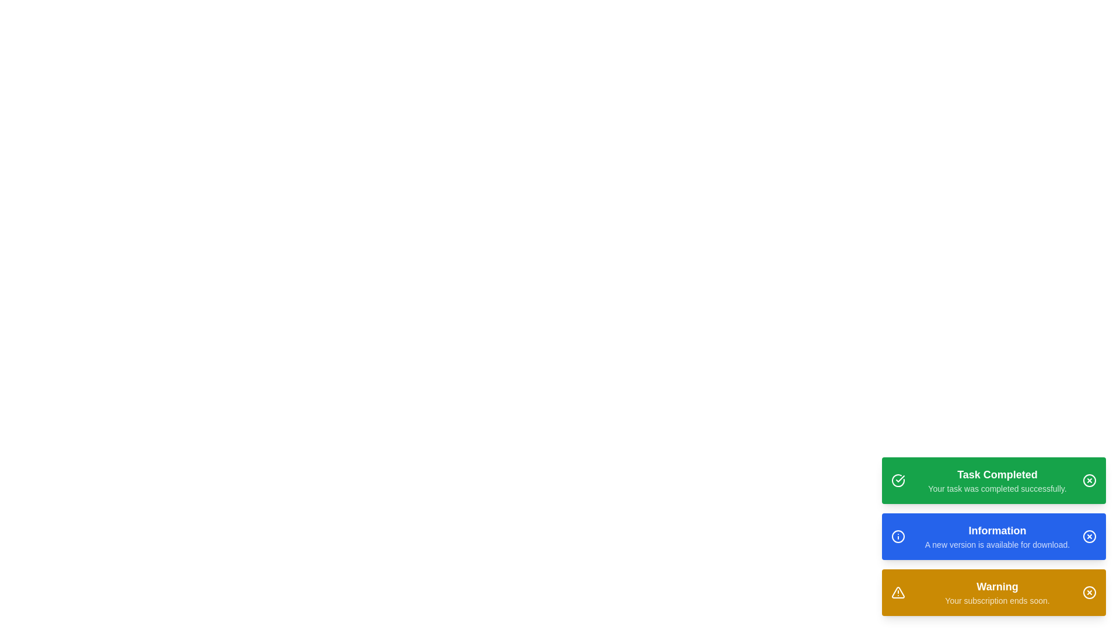 This screenshot has width=1120, height=630. Describe the element at coordinates (898, 592) in the screenshot. I see `the warning indication icon located at the left side of the yellow 'Warning' notification box at the bottom of the vertical stack of three notification boxes` at that location.